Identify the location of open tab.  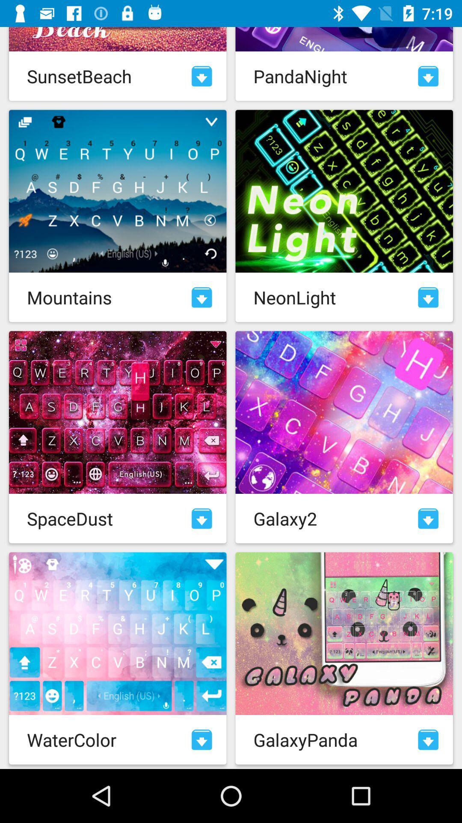
(428, 76).